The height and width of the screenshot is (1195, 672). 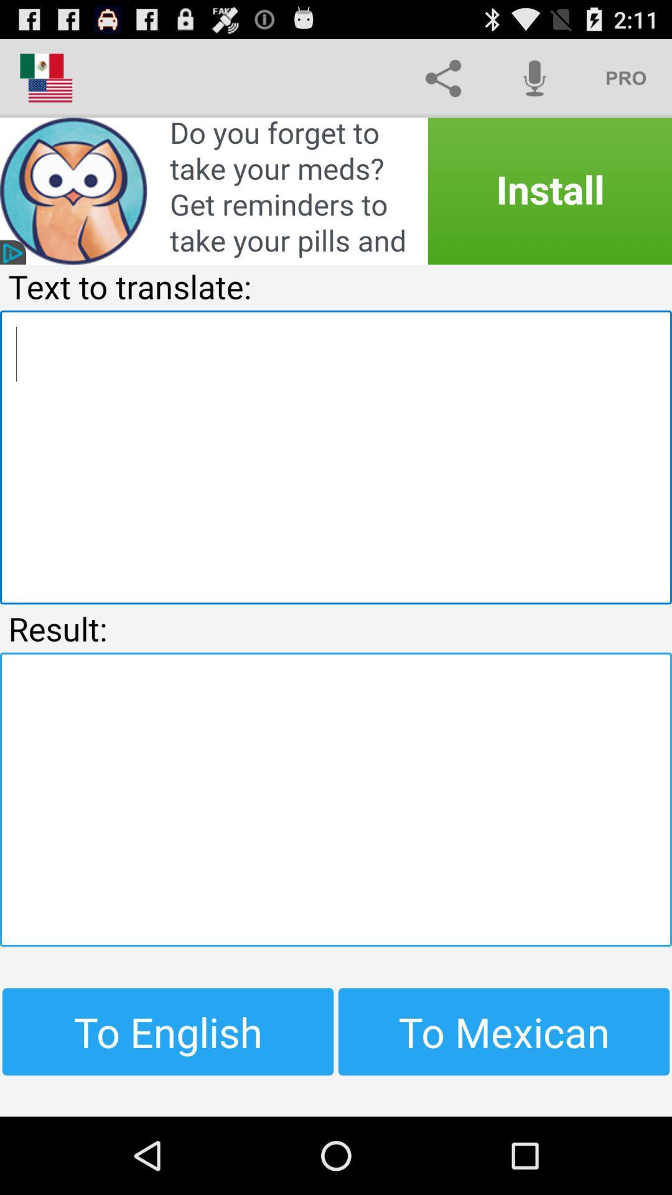 I want to click on to mexican item, so click(x=504, y=1031).